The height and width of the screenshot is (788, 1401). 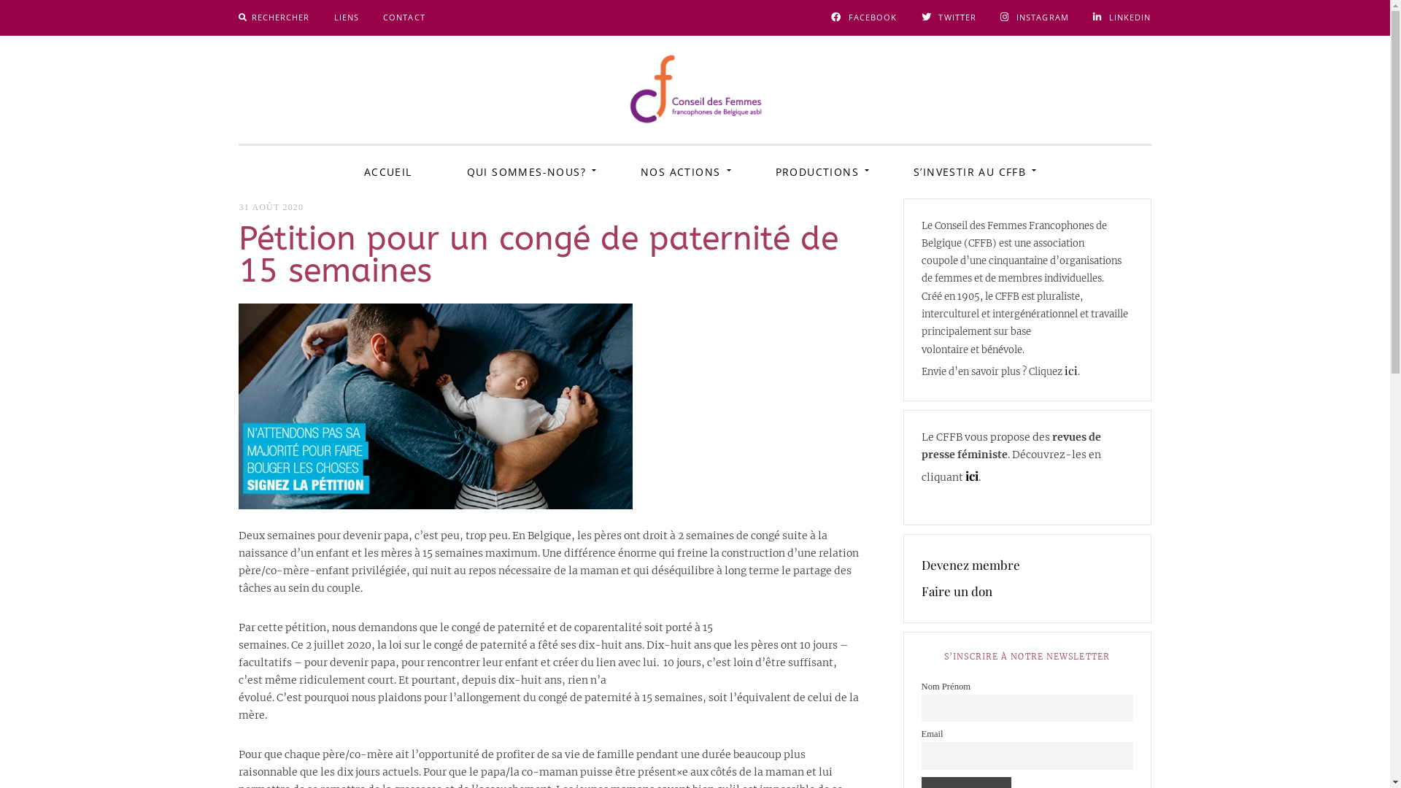 What do you see at coordinates (525, 171) in the screenshot?
I see `'QUI SOMMES-NOUS?'` at bounding box center [525, 171].